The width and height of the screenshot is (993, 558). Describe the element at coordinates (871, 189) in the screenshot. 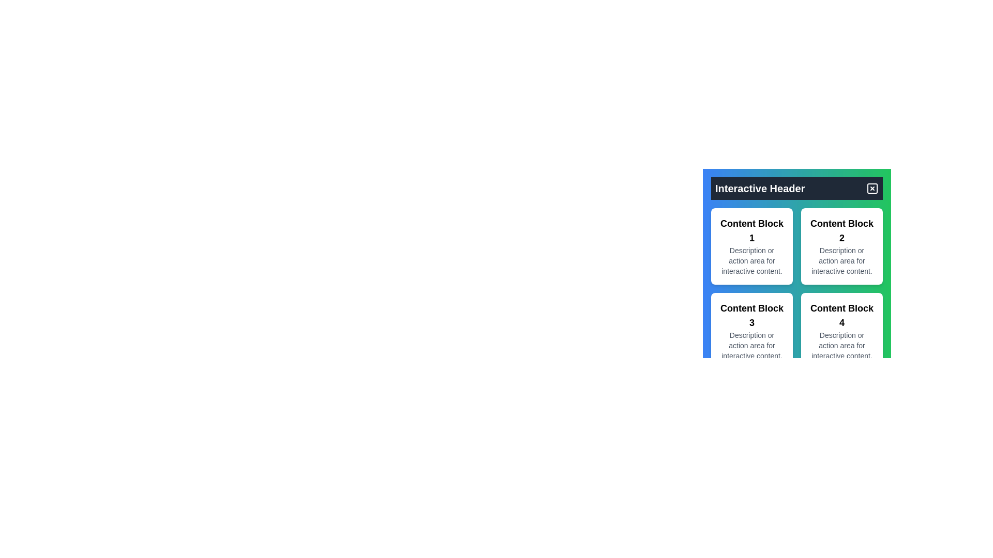

I see `the square shaped icon with rounded corners located` at that location.